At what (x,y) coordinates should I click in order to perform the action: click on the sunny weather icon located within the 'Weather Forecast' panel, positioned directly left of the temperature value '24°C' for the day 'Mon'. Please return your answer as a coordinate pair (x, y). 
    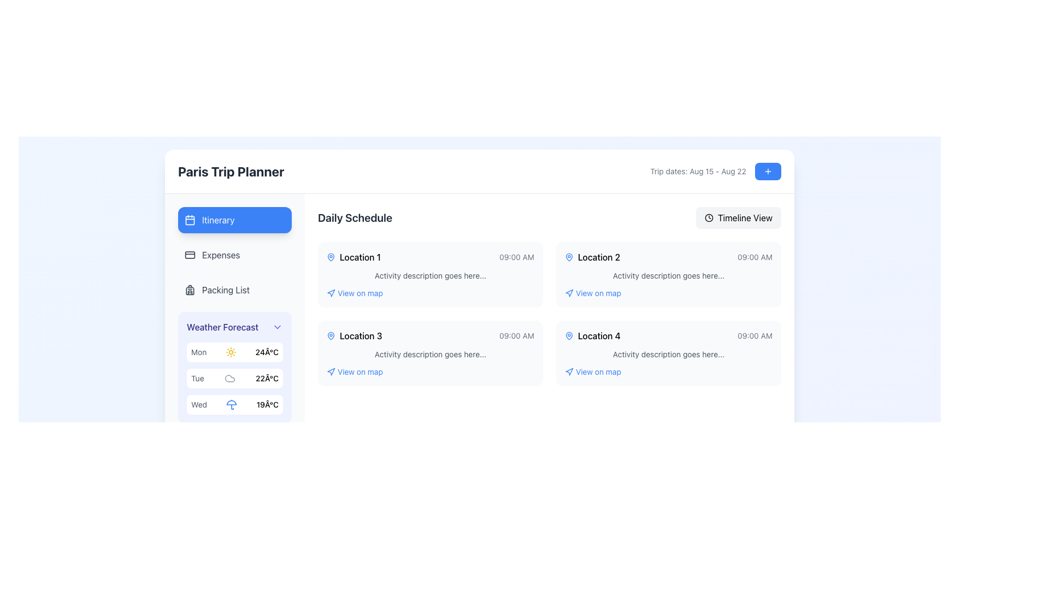
    Looking at the image, I should click on (230, 352).